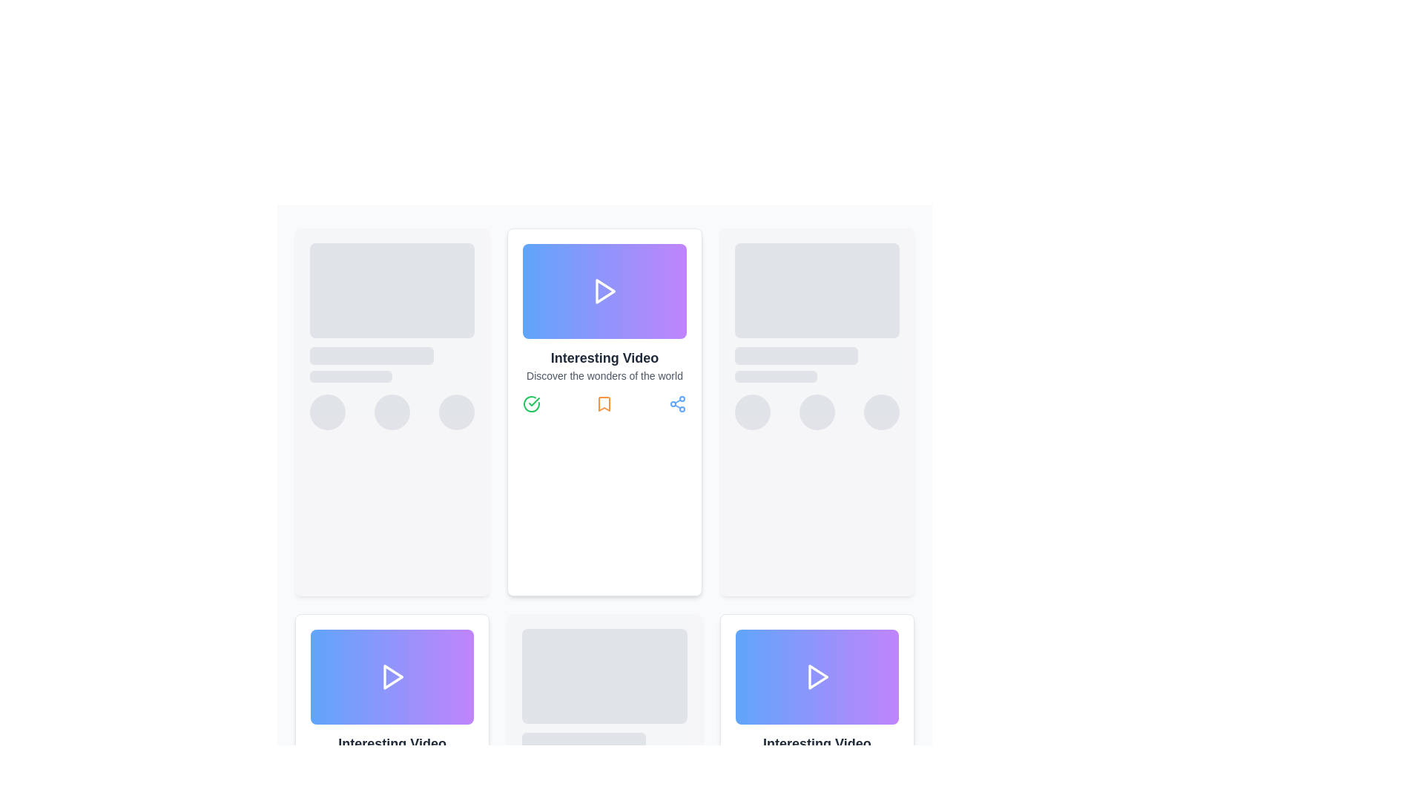 This screenshot has width=1424, height=801. I want to click on the heading text label, so click(392, 743).